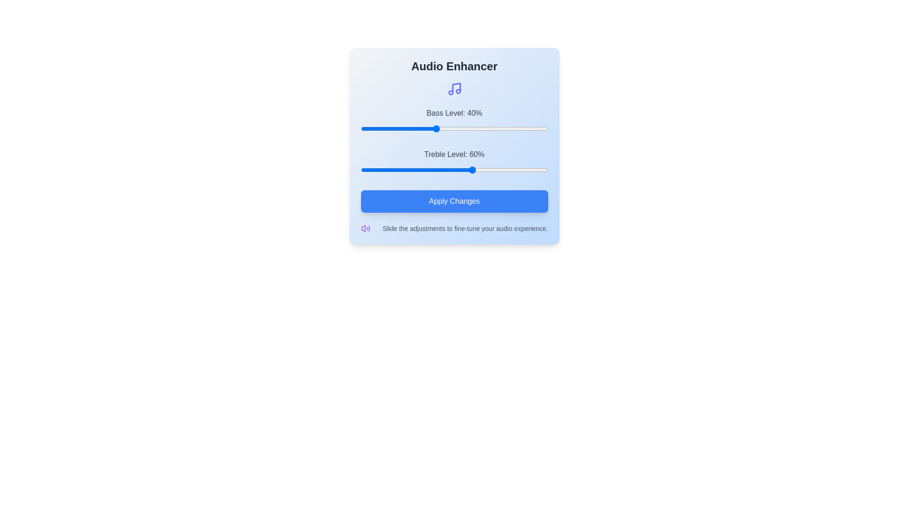 The image size is (899, 506). Describe the element at coordinates (433, 128) in the screenshot. I see `the bass level slider to 39%` at that location.